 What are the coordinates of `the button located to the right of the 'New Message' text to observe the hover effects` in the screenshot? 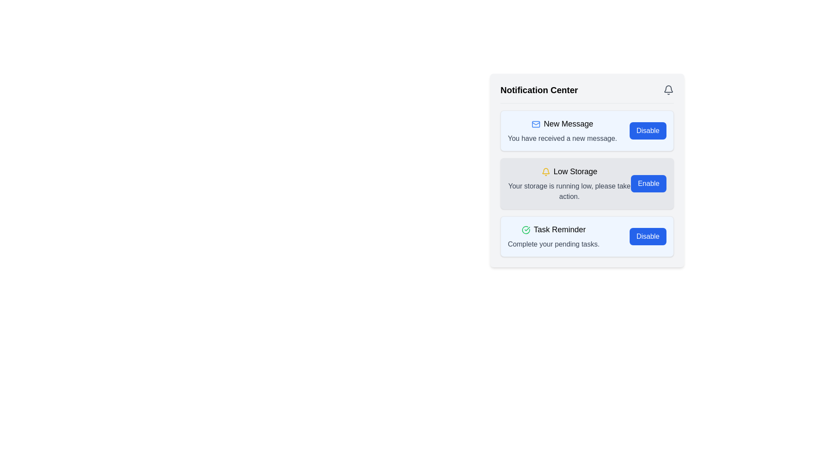 It's located at (648, 130).